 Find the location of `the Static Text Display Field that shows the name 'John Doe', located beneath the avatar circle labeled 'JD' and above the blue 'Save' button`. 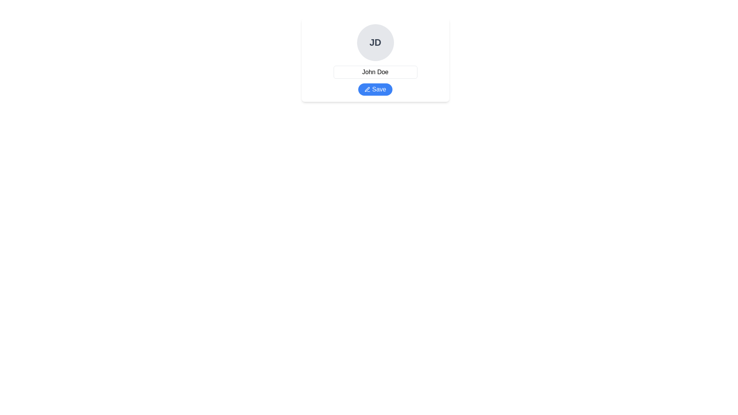

the Static Text Display Field that shows the name 'John Doe', located beneath the avatar circle labeled 'JD' and above the blue 'Save' button is located at coordinates (375, 72).